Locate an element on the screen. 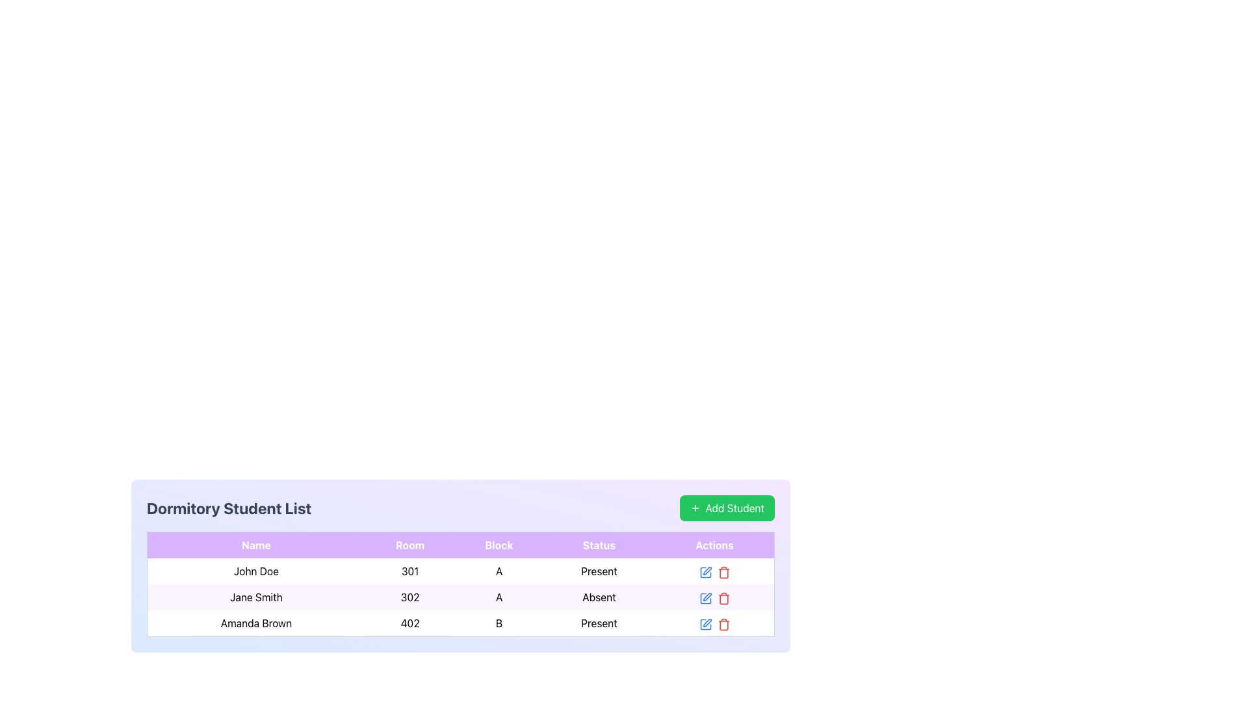 Image resolution: width=1248 pixels, height=702 pixels. the text that signifies the block designation 'B' for Amanda Brown, located in the third column of the table under the 'Block' header is located at coordinates (499, 623).